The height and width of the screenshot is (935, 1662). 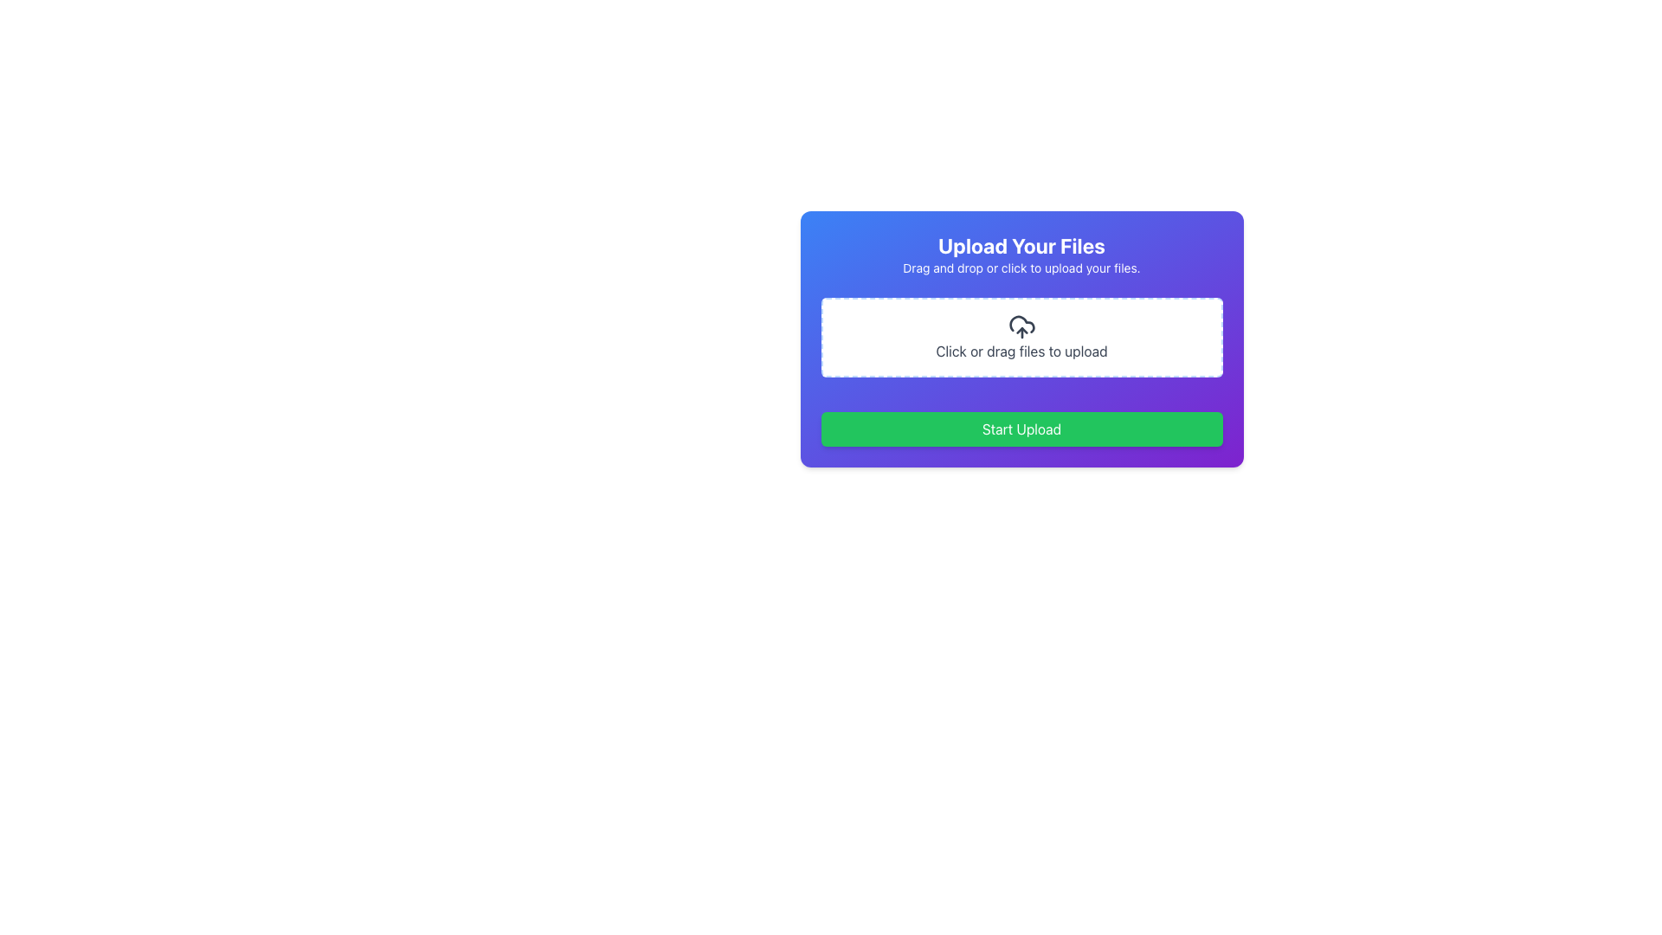 I want to click on informational text located directly below the title 'Upload Your Files' in the central upload section to understand the file upload process, so click(x=1021, y=268).